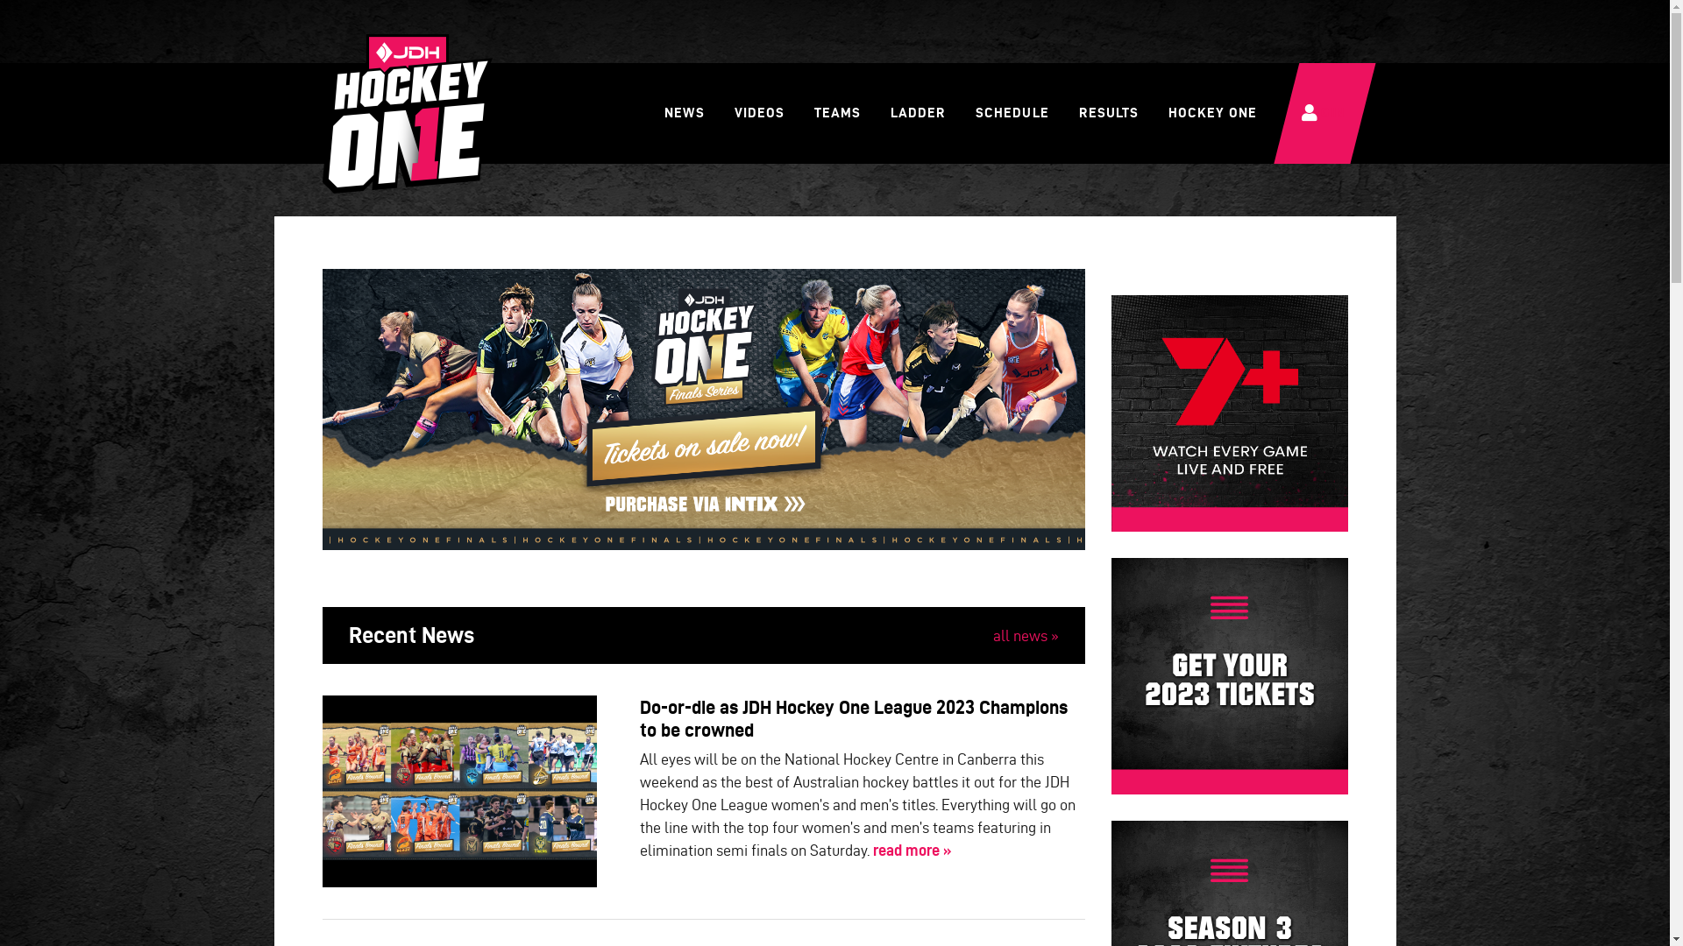 Image resolution: width=1683 pixels, height=946 pixels. I want to click on 'LADDER', so click(917, 113).